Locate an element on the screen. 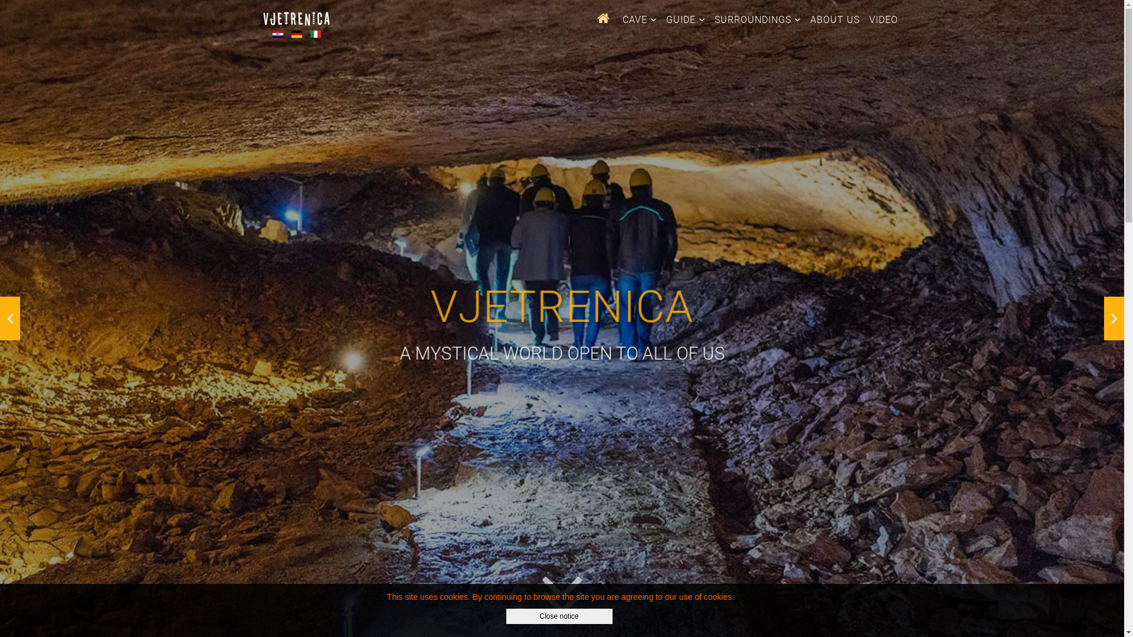  'VIDEO' is located at coordinates (883, 19).